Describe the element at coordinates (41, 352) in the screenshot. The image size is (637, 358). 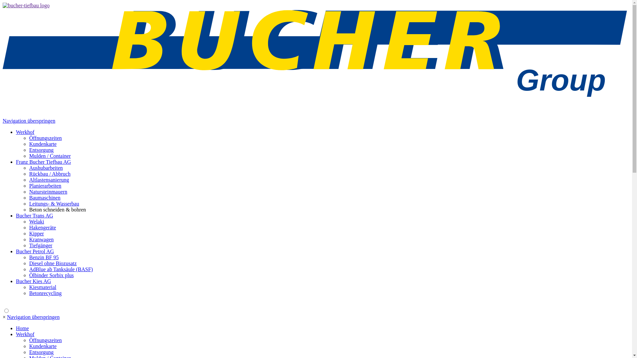
I see `'Entsorgung'` at that location.